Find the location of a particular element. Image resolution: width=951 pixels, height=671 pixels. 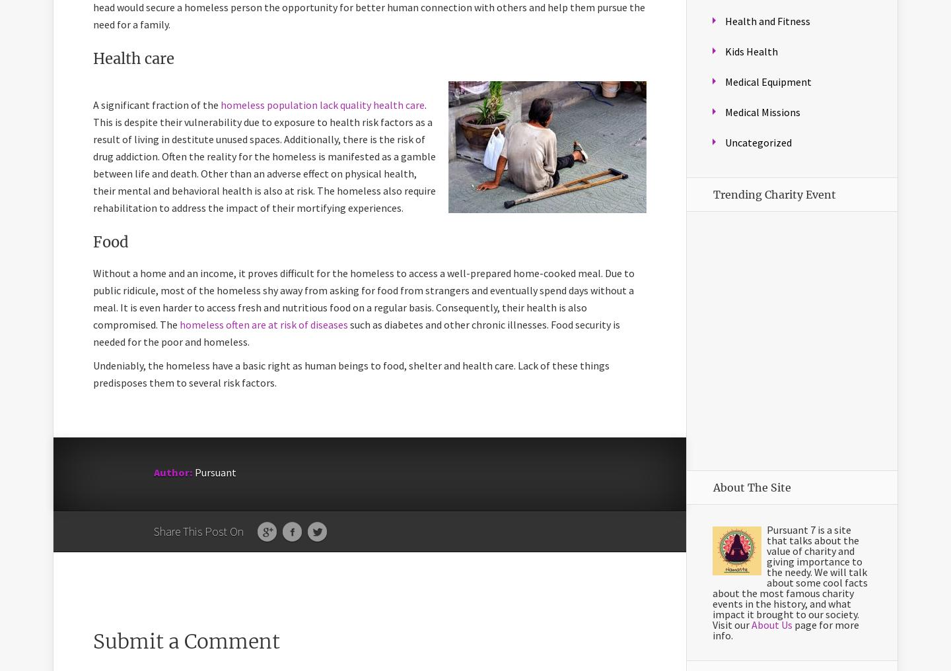

'Pursuant 7 is a site that talks about the value of charity and giving importance to the needy.  We will talk about some cool facts about the most famous charity events in the history, and what impact it brought to our society.  Visit our' is located at coordinates (712, 577).